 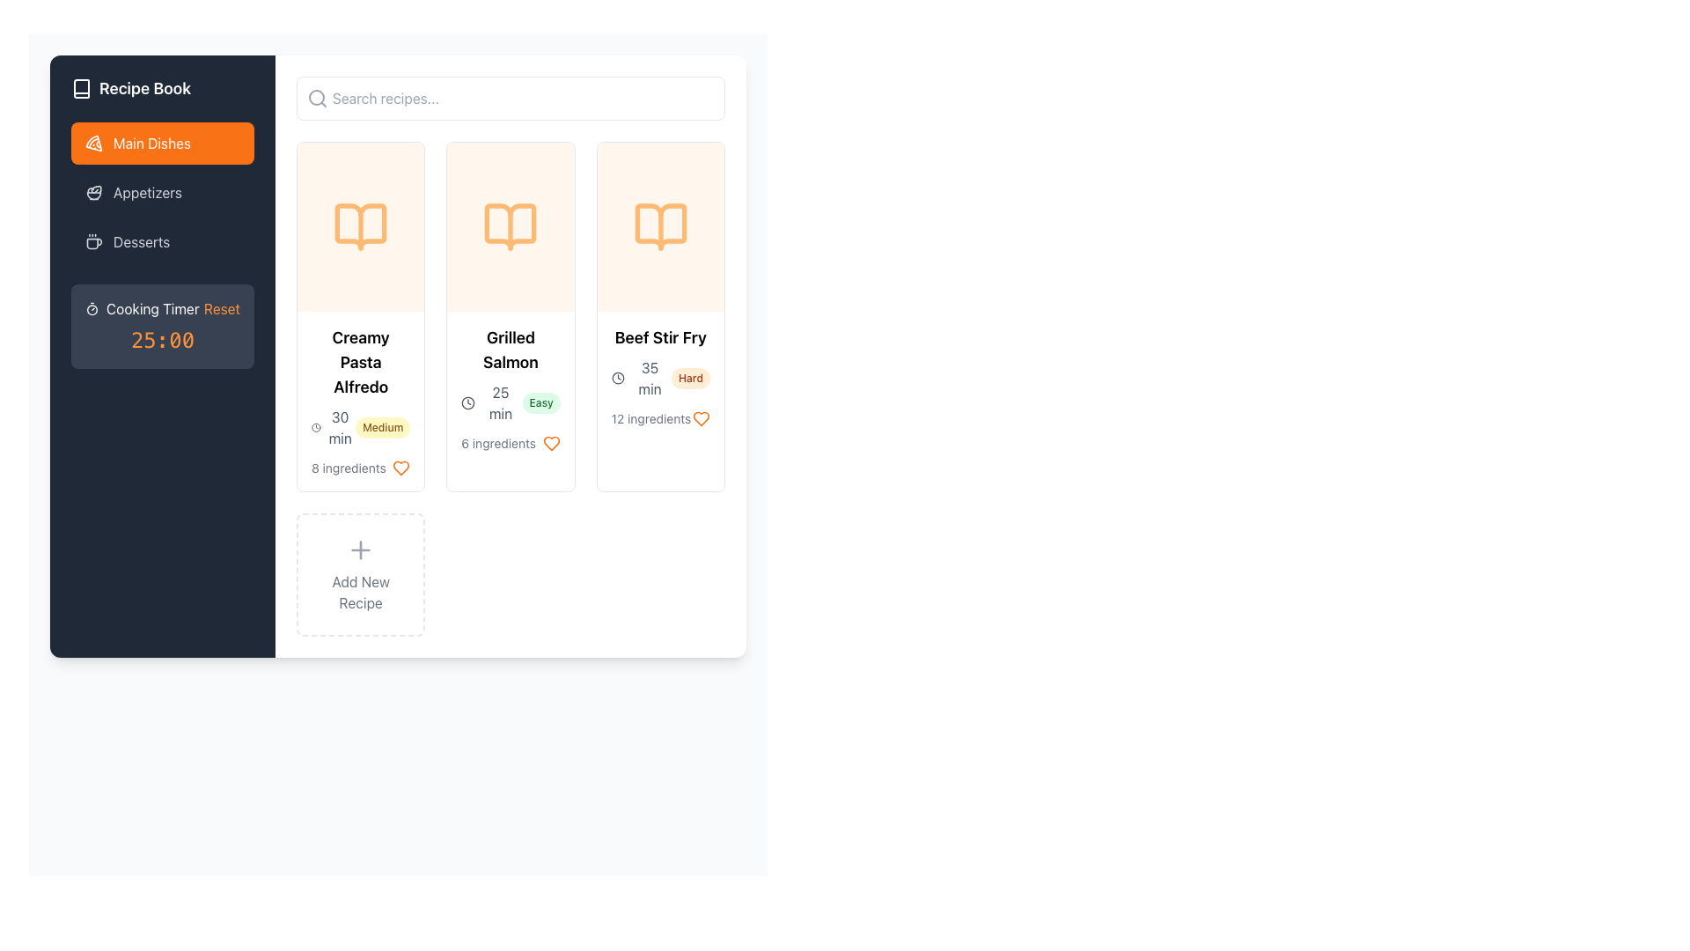 What do you see at coordinates (163, 142) in the screenshot?
I see `the 'Main Dishes' button, which is a vibrant orange button with white text and a pizza slice icon` at bounding box center [163, 142].